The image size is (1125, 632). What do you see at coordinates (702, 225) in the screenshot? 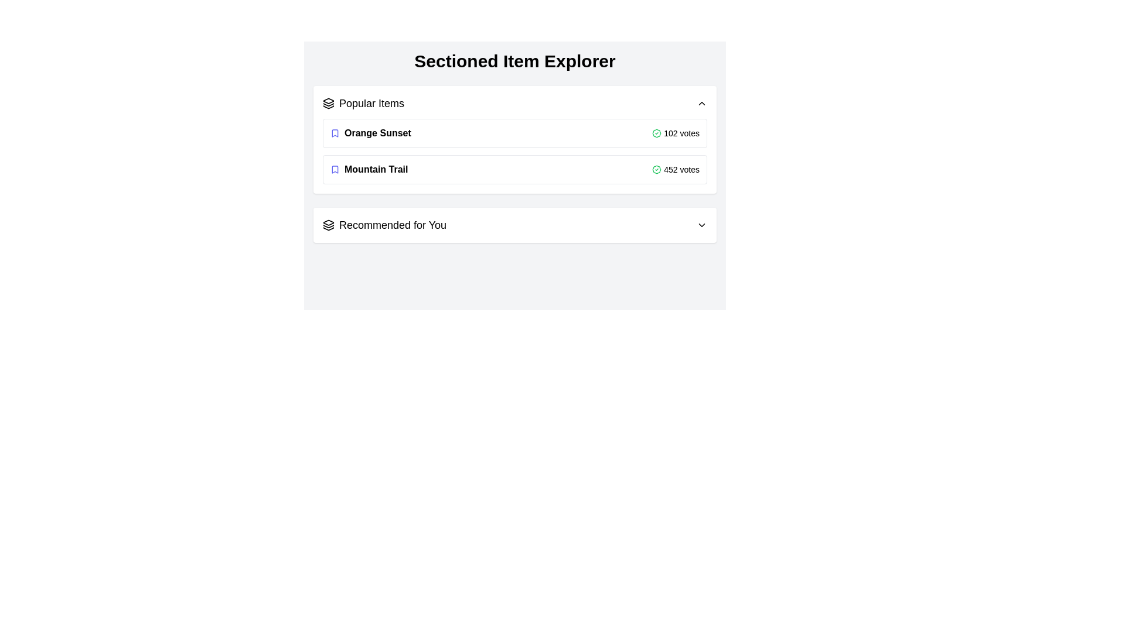
I see `the downward-pointing chevron icon next to the 'Recommended for You' text` at bounding box center [702, 225].